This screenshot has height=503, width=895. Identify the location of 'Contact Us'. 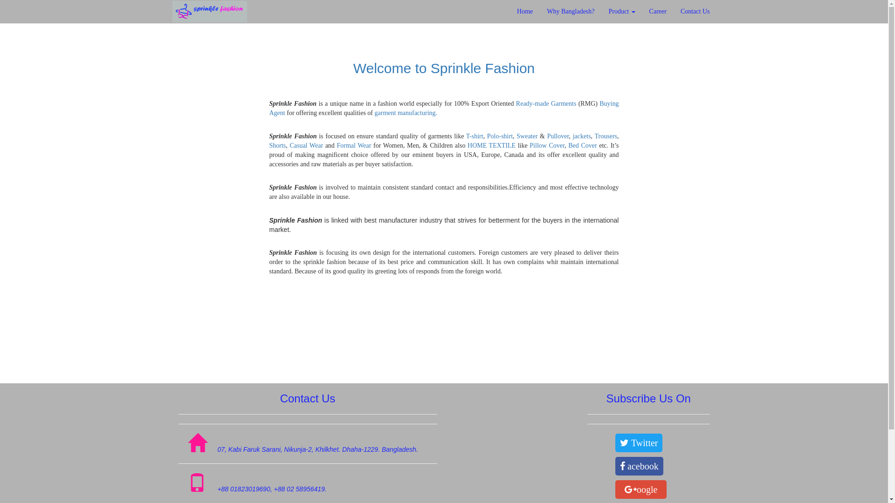
(673, 11).